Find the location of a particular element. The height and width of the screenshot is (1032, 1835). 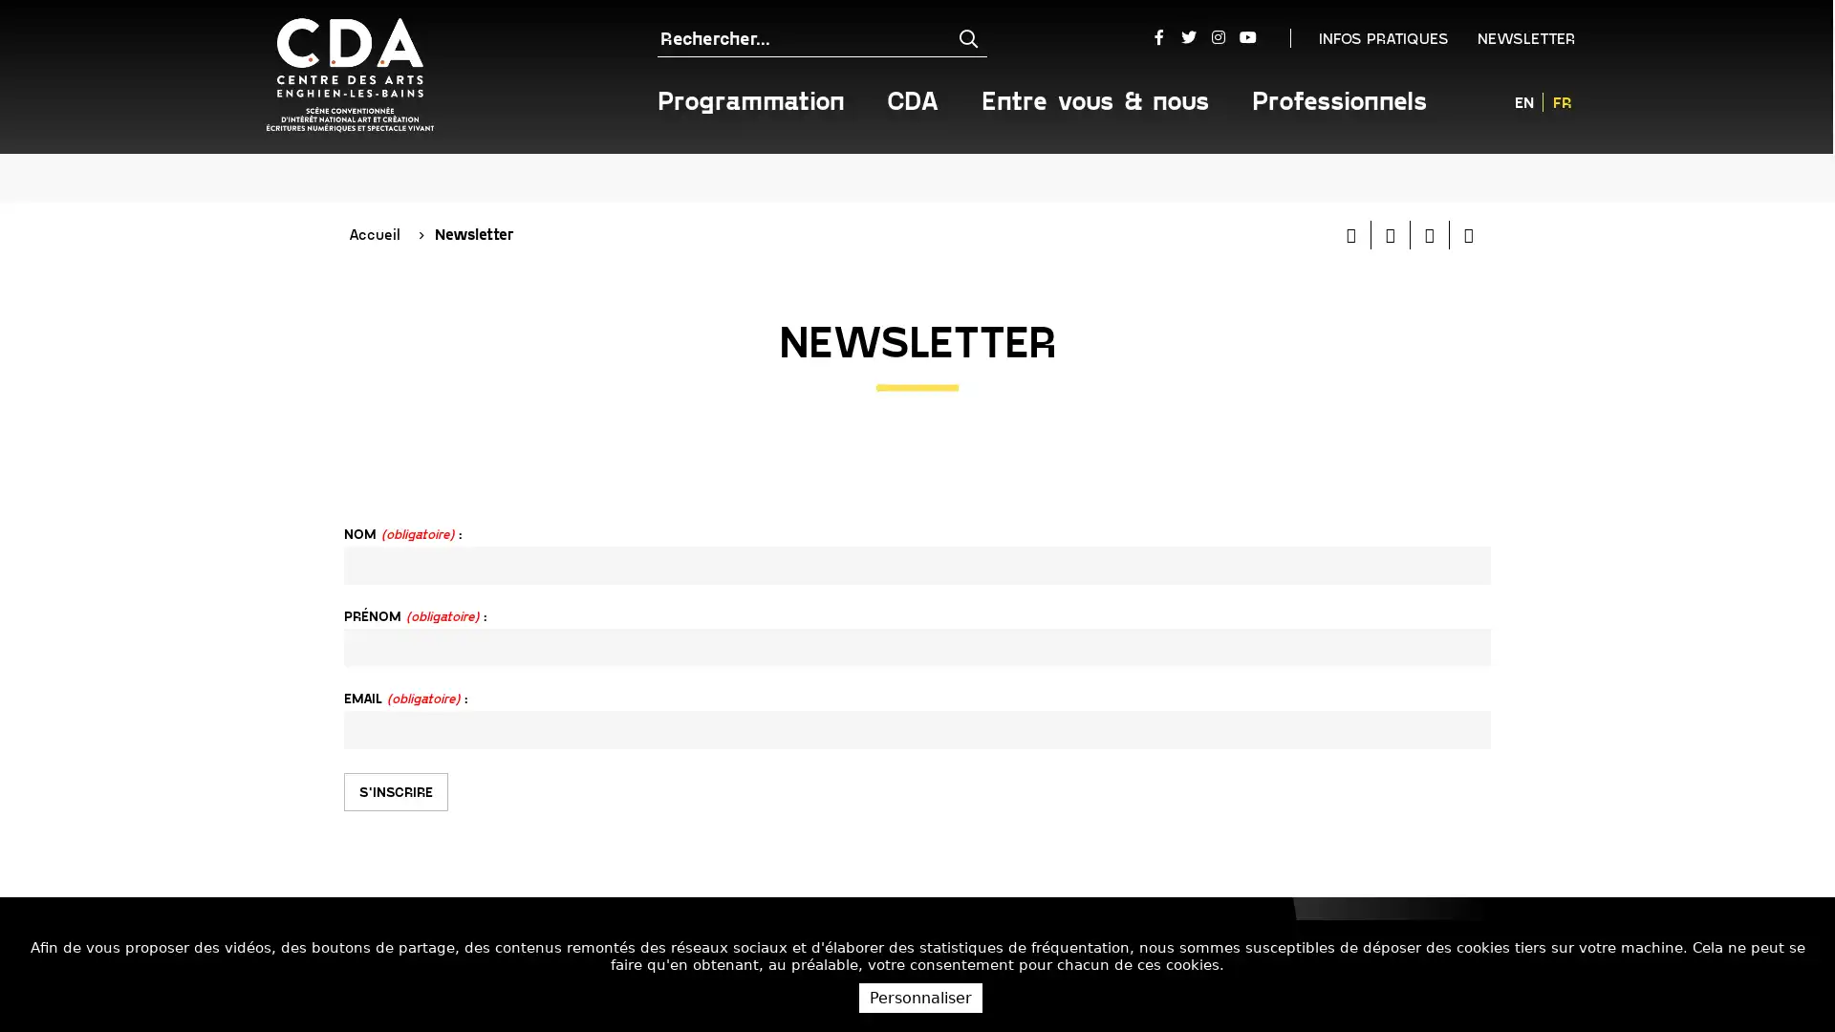

Partager cette page is located at coordinates (1467, 187).